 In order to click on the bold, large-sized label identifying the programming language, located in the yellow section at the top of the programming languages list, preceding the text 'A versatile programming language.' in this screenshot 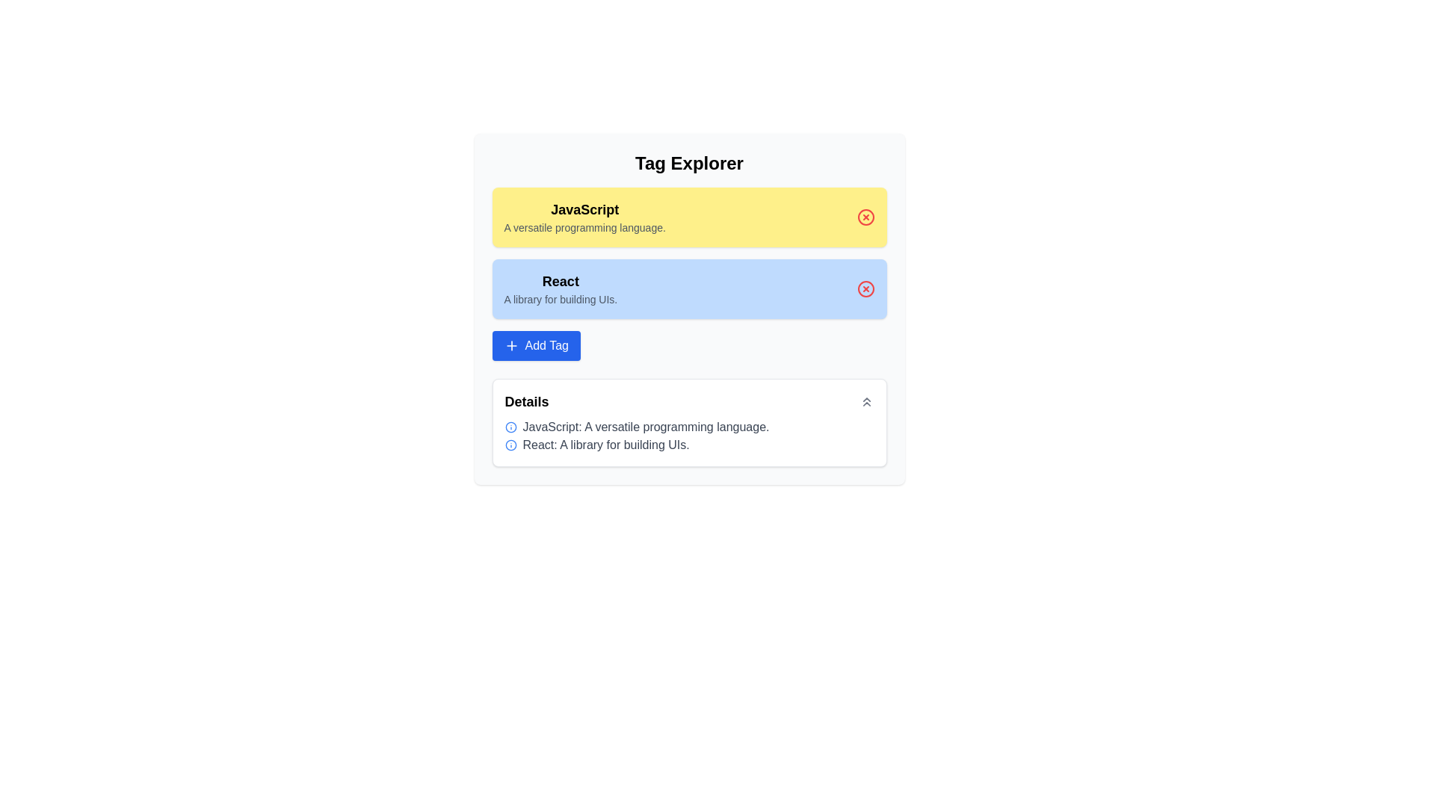, I will do `click(584, 210)`.